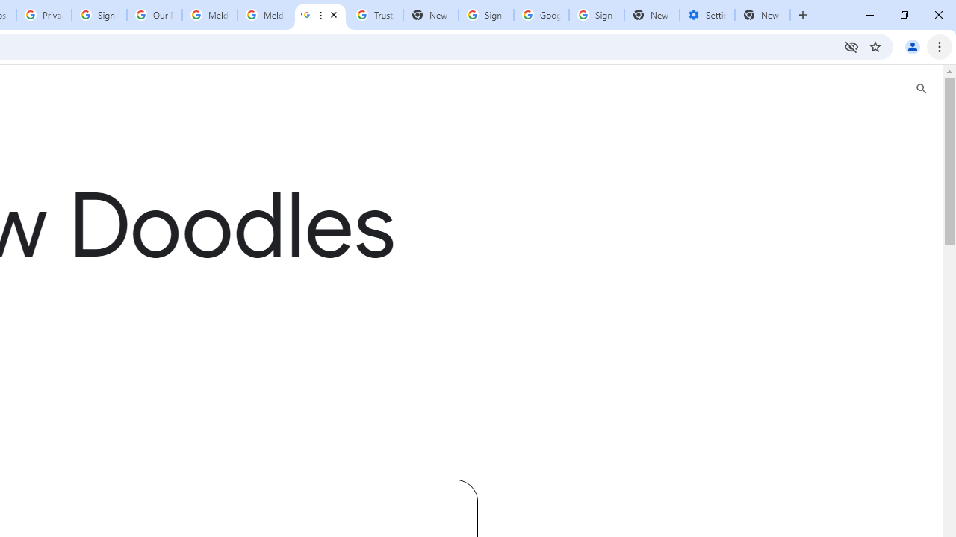 The width and height of the screenshot is (956, 537). What do you see at coordinates (707, 15) in the screenshot?
I see `'Settings - Addresses and more'` at bounding box center [707, 15].